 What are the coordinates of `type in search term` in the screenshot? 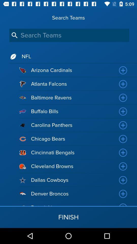 It's located at (69, 35).